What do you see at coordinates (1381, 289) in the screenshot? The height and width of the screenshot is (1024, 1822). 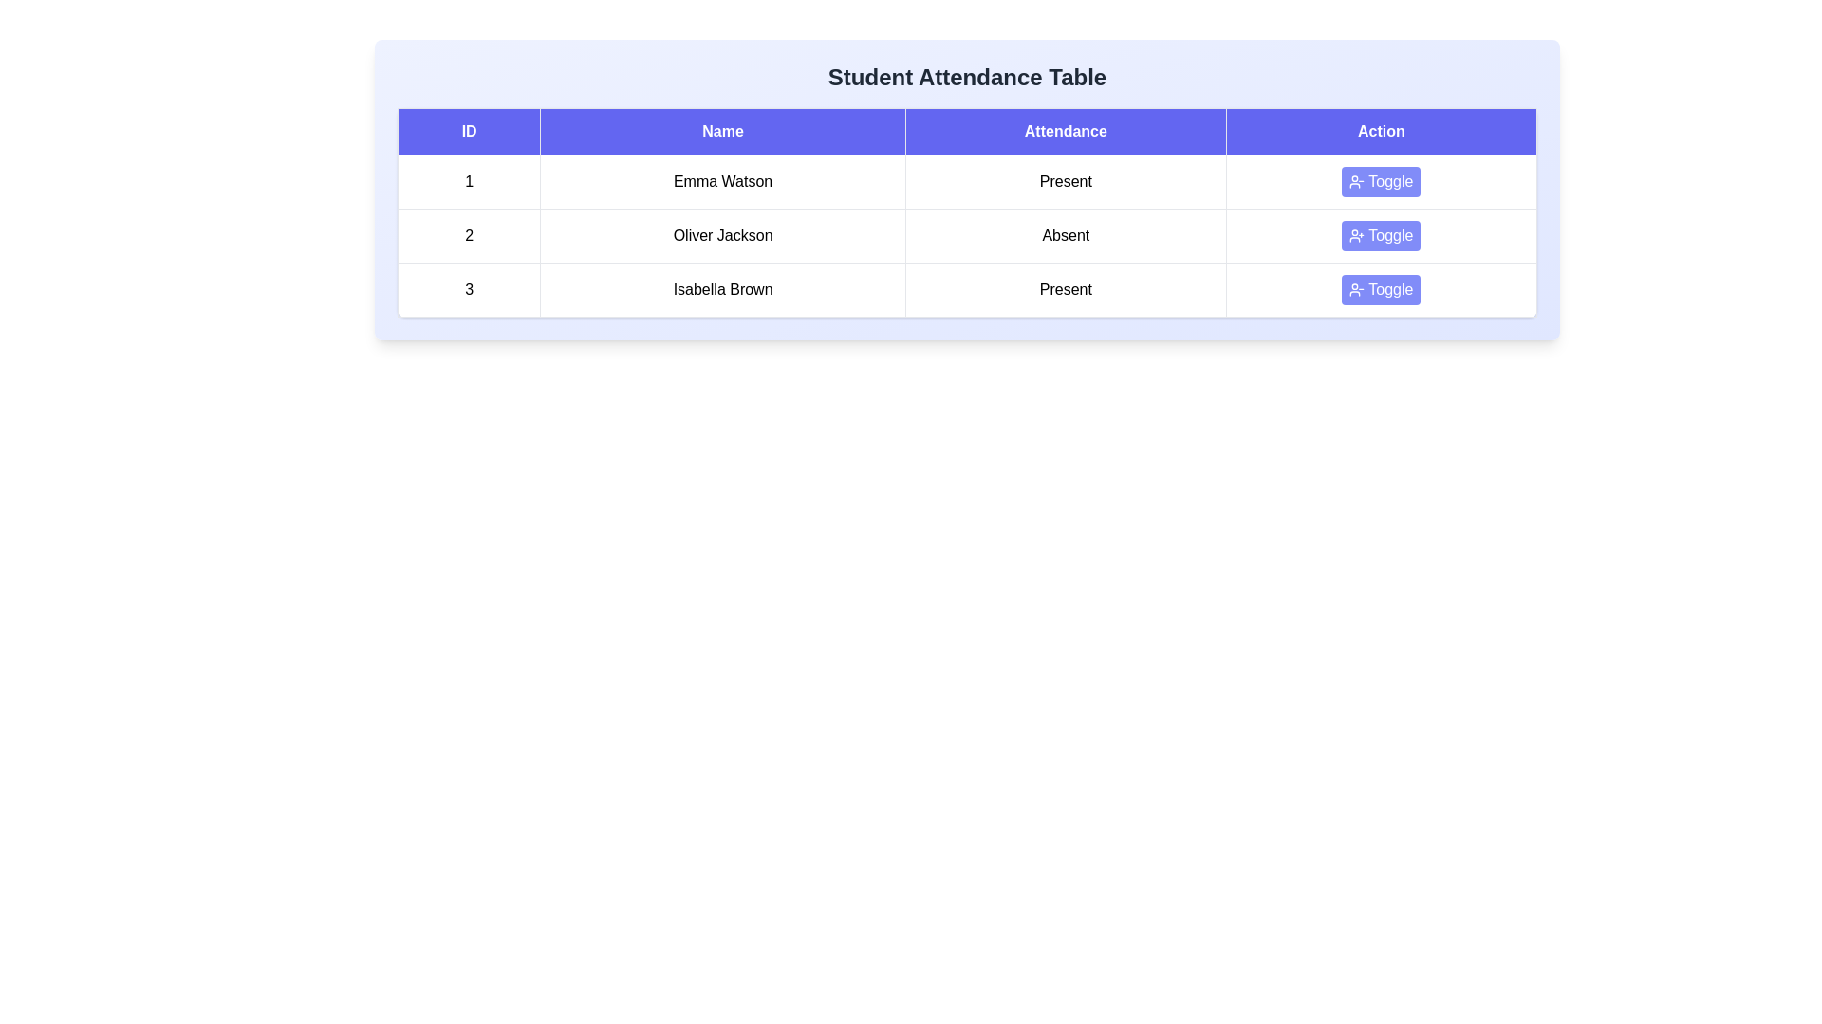 I see `the toggle button located in the third row of the table under the 'Action' column to change its state` at bounding box center [1381, 289].